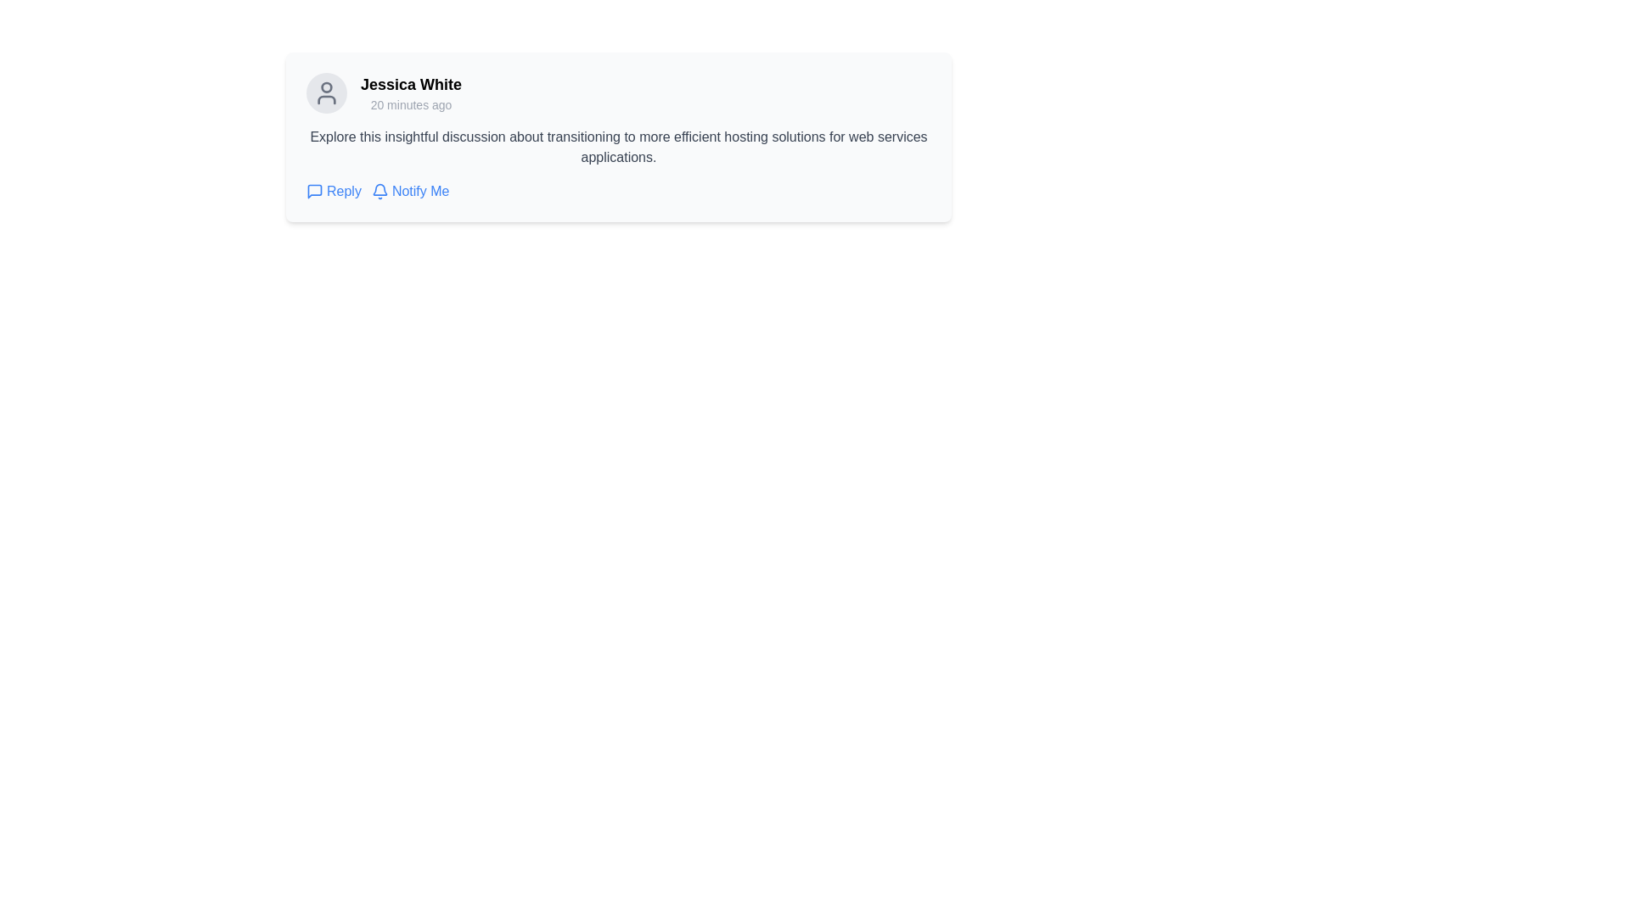 The image size is (1630, 916). Describe the element at coordinates (411, 104) in the screenshot. I see `timestamp text label displaying '20 minutes ago' that is styled in small, gray text and located below the name 'Jessica White'` at that location.